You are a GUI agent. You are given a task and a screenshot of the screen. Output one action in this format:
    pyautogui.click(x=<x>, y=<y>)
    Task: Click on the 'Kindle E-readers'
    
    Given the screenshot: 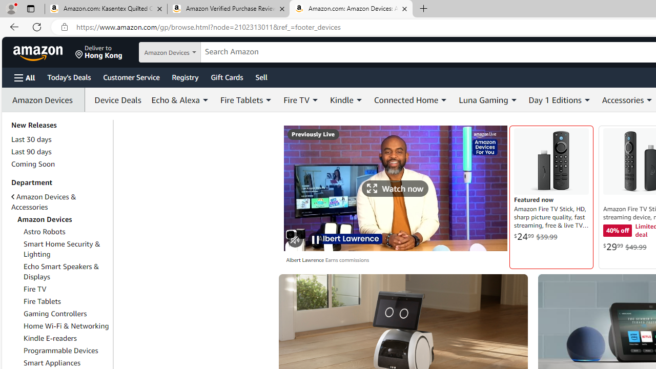 What is the action you would take?
    pyautogui.click(x=49, y=338)
    